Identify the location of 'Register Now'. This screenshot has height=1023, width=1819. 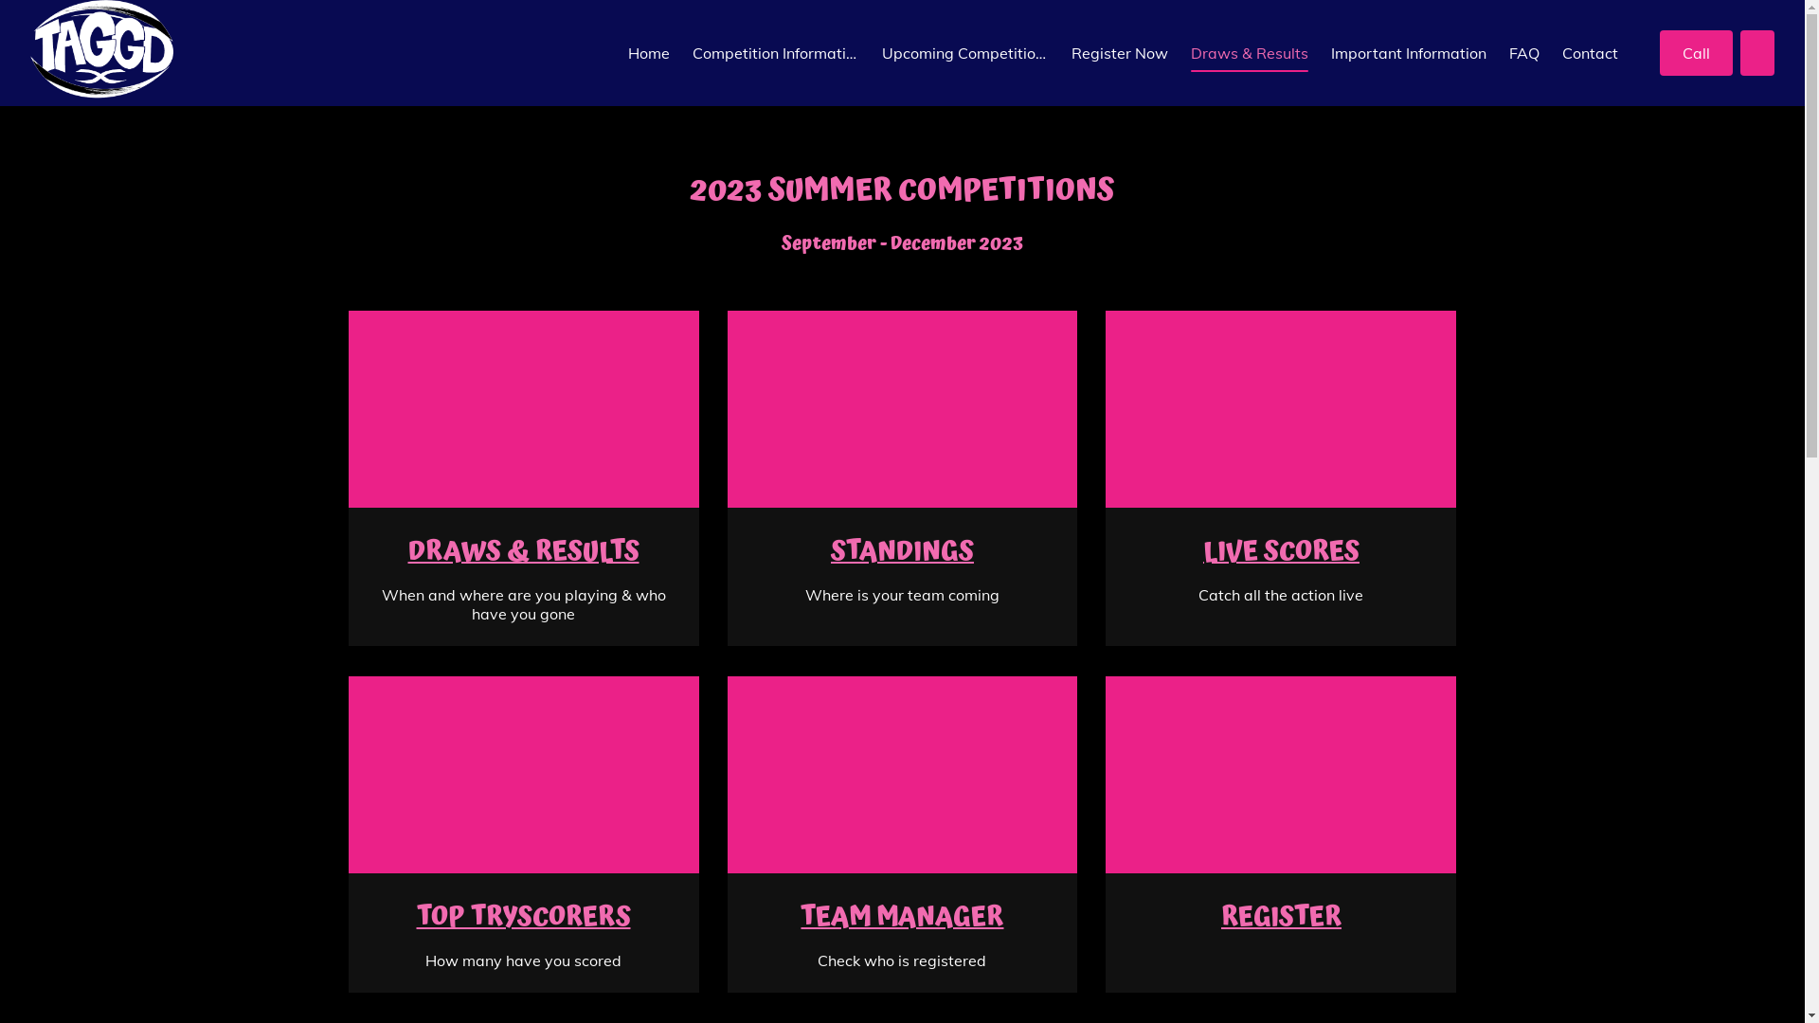
(1119, 52).